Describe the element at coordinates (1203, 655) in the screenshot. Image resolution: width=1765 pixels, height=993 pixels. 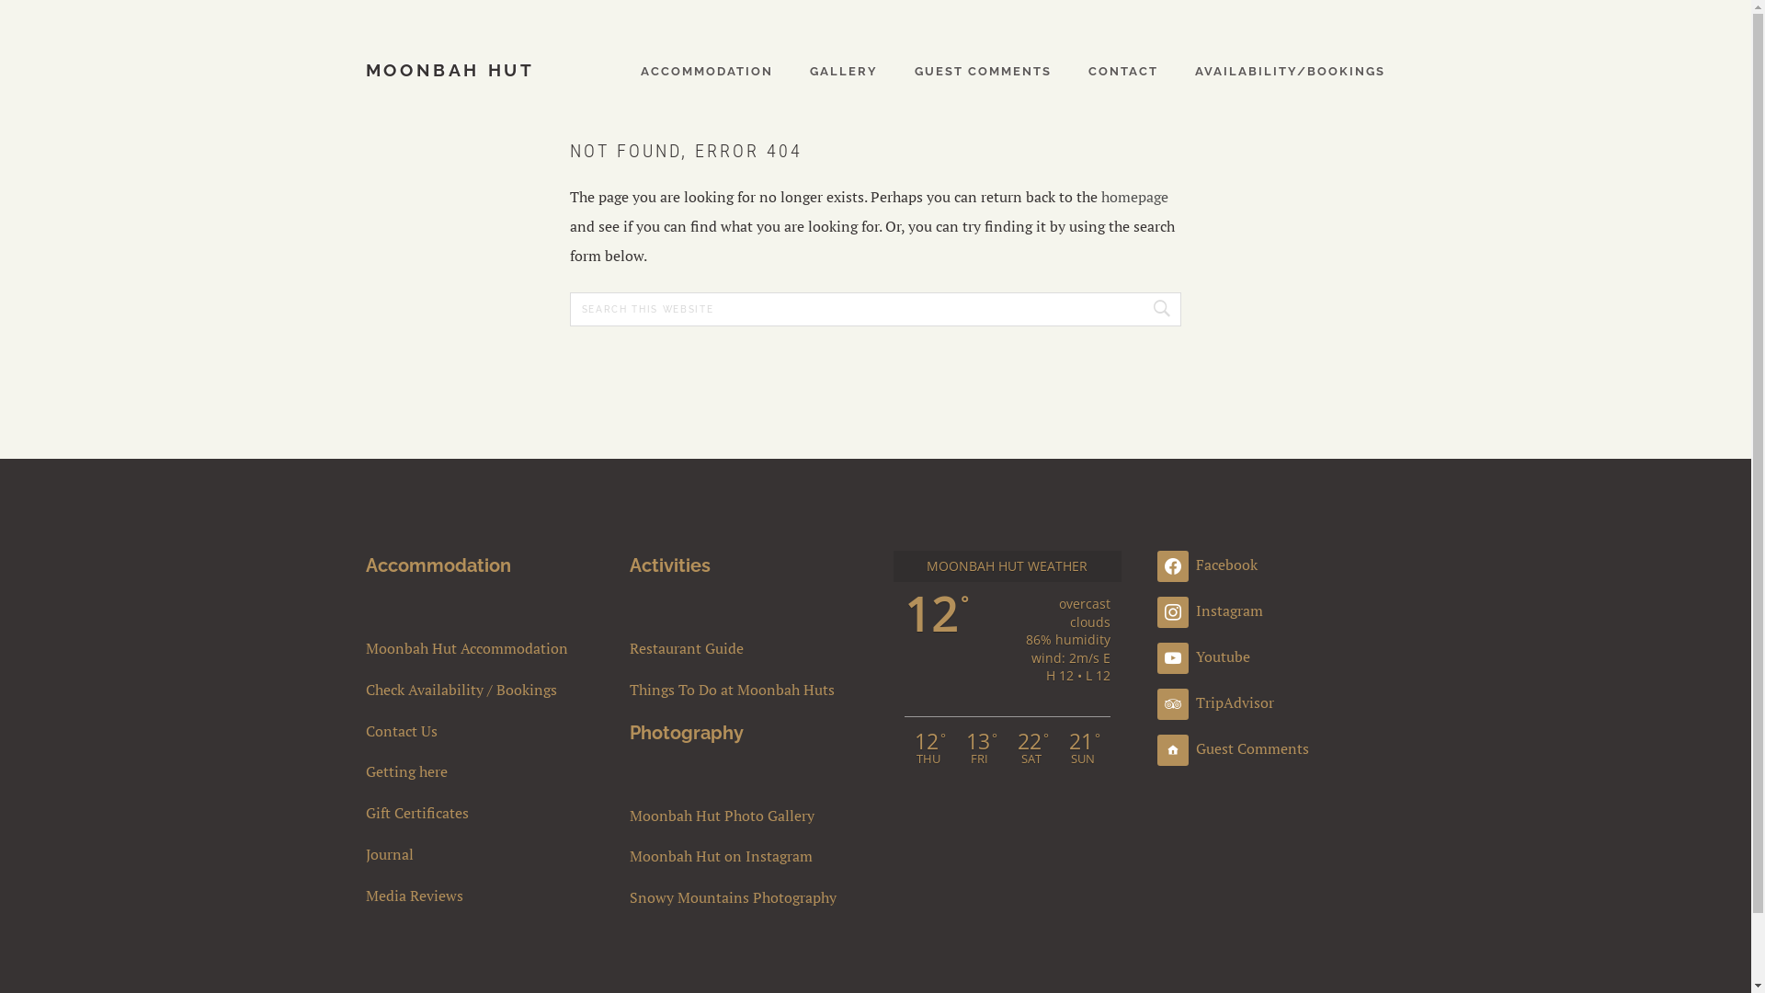
I see `'Youtube'` at that location.